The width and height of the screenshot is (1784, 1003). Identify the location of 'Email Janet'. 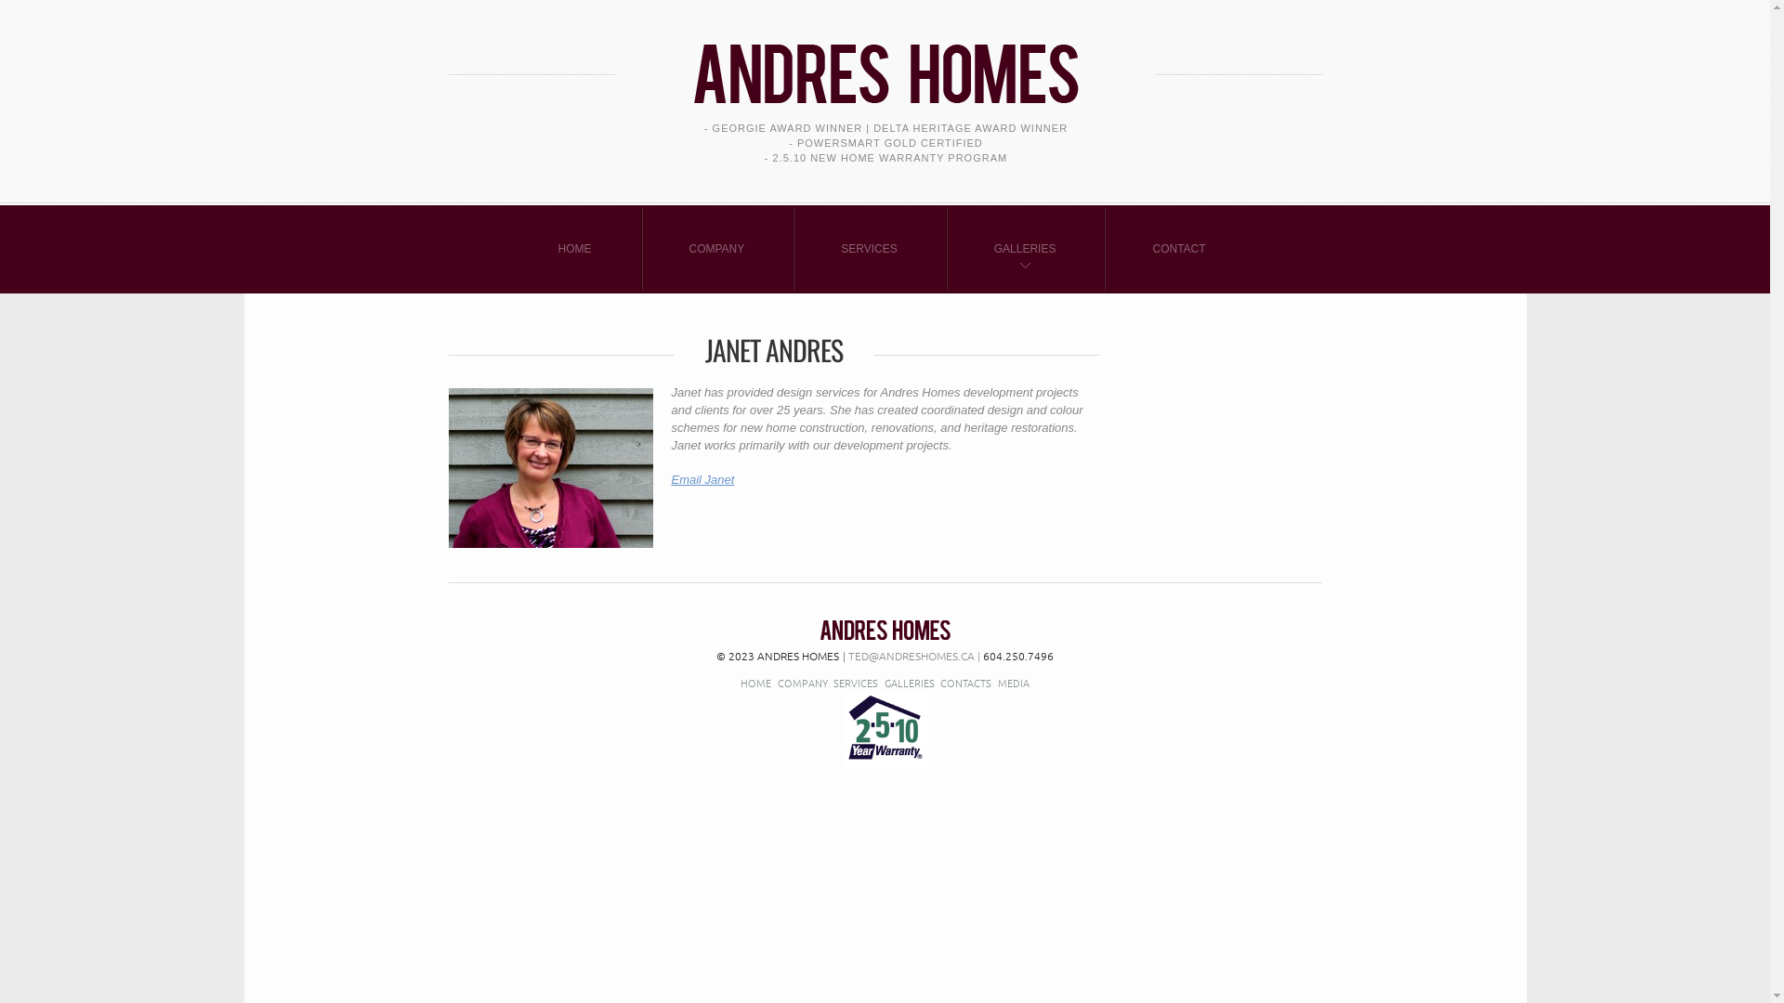
(701, 478).